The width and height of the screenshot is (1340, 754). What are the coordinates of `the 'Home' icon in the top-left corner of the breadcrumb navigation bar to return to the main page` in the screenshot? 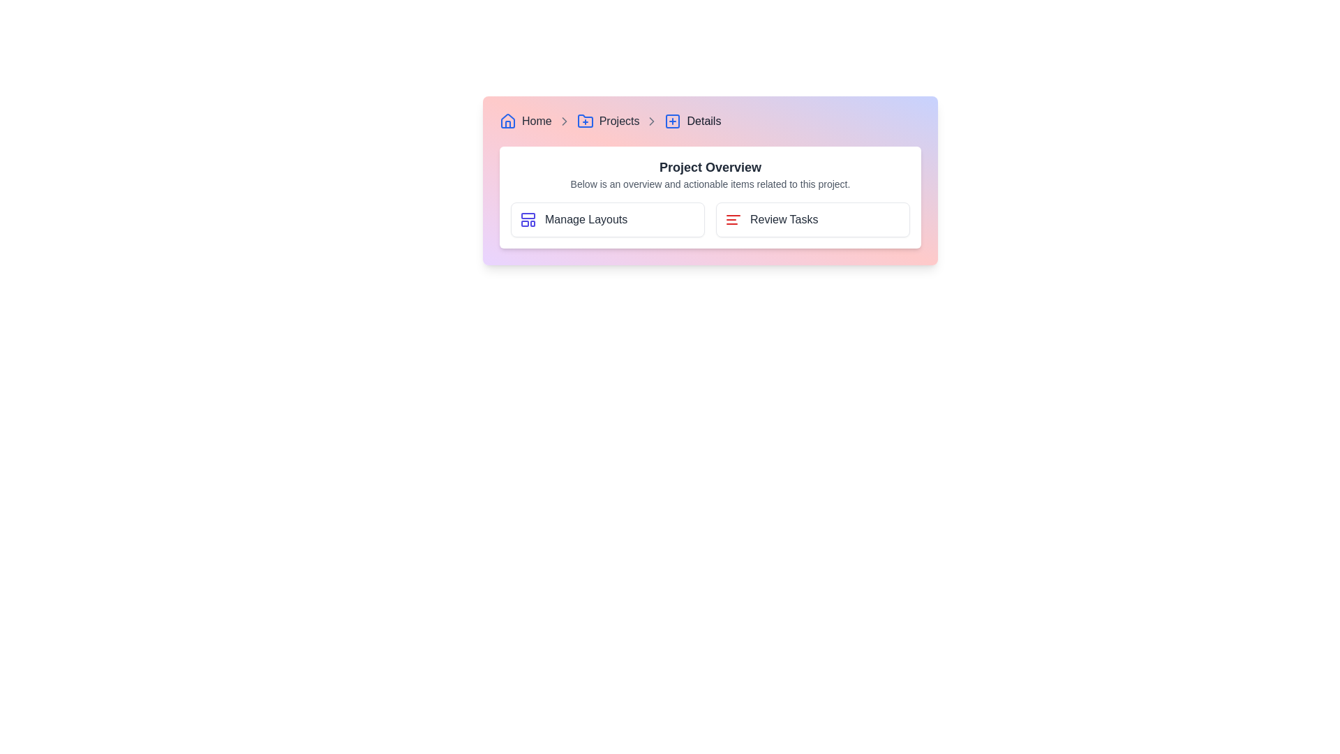 It's located at (507, 120).